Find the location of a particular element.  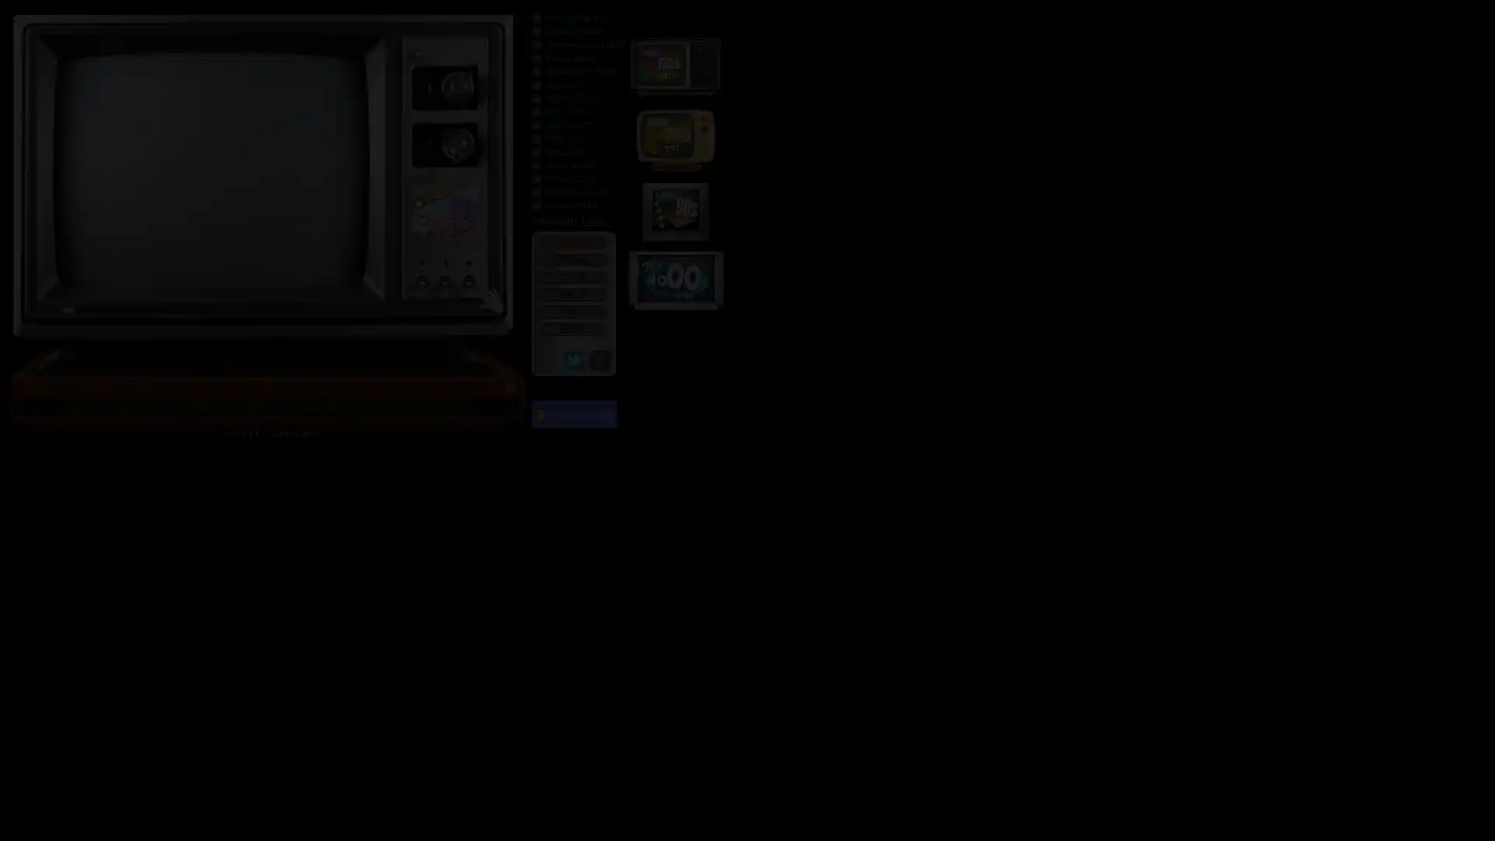

MENU is located at coordinates (572, 328).